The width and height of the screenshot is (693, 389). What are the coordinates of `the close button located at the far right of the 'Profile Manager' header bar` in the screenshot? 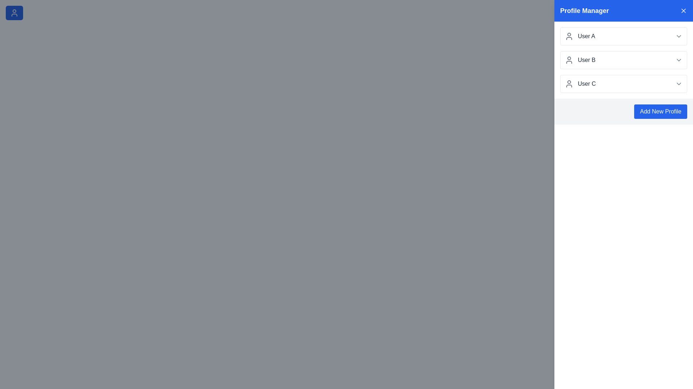 It's located at (683, 11).